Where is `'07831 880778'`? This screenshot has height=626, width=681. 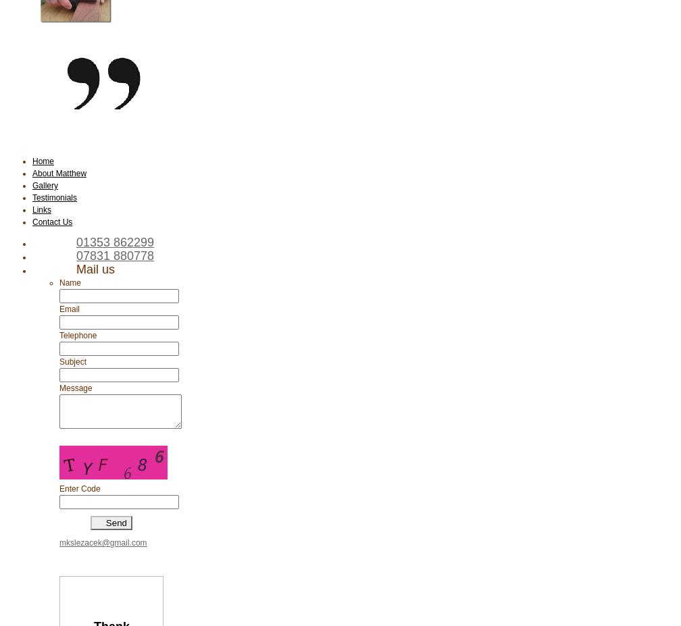
'07831 880778' is located at coordinates (115, 255).